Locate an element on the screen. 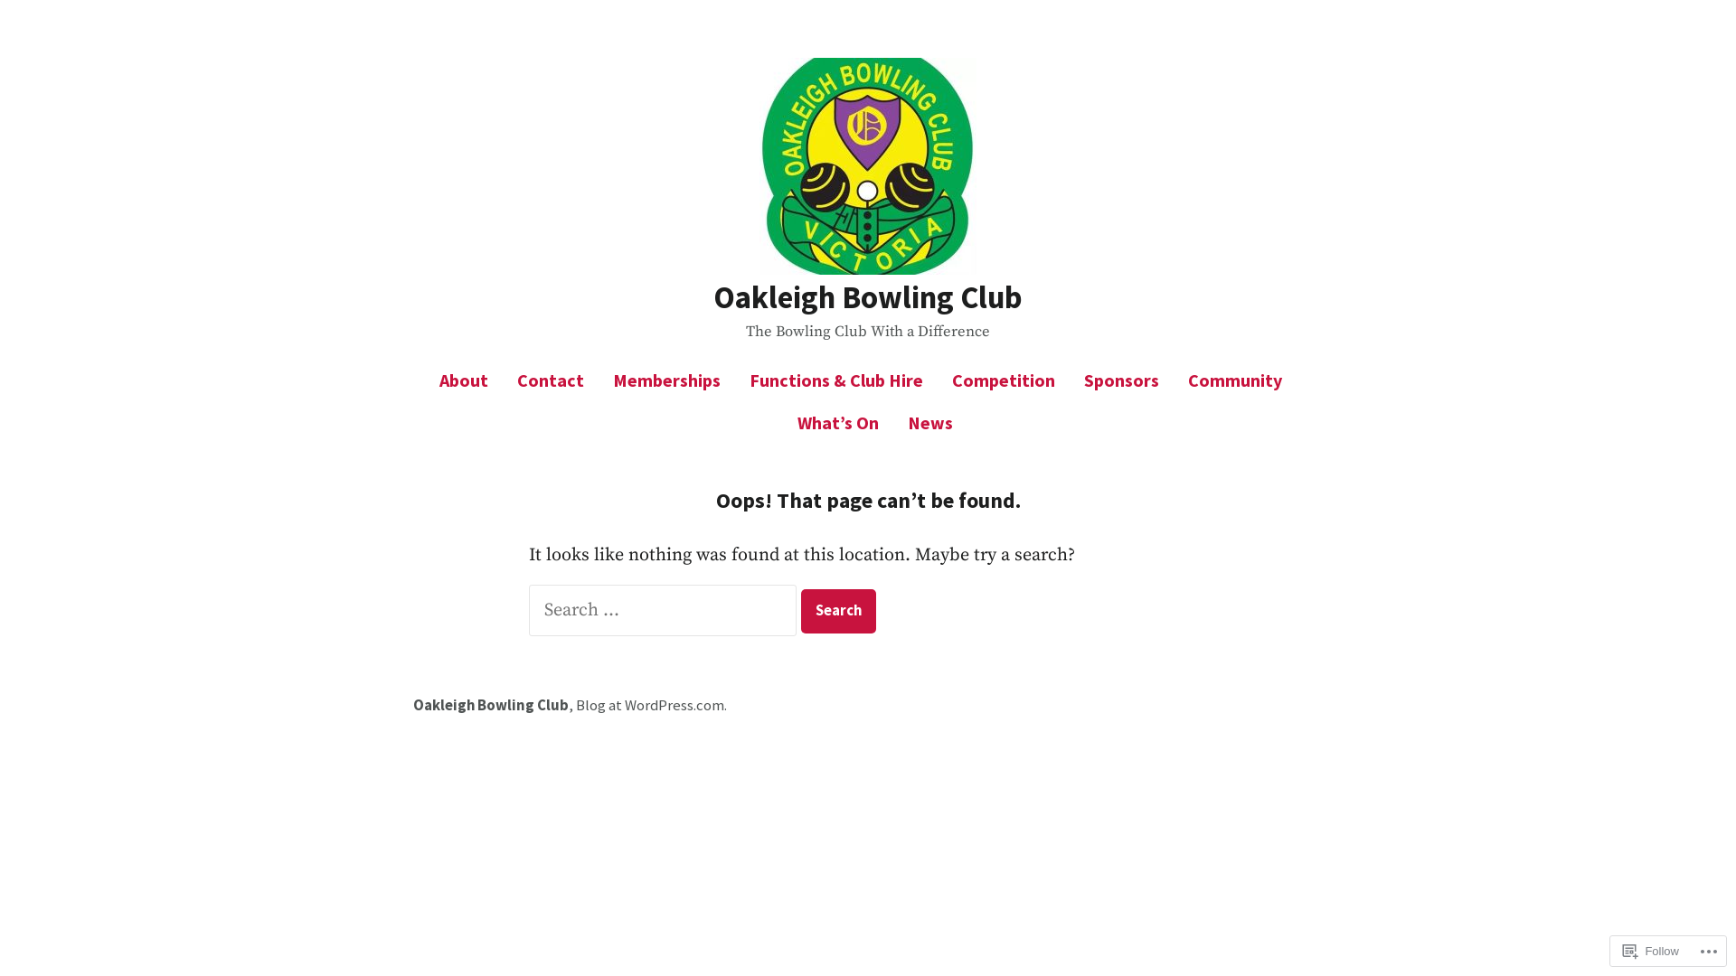  'Memberships' is located at coordinates (665, 379).